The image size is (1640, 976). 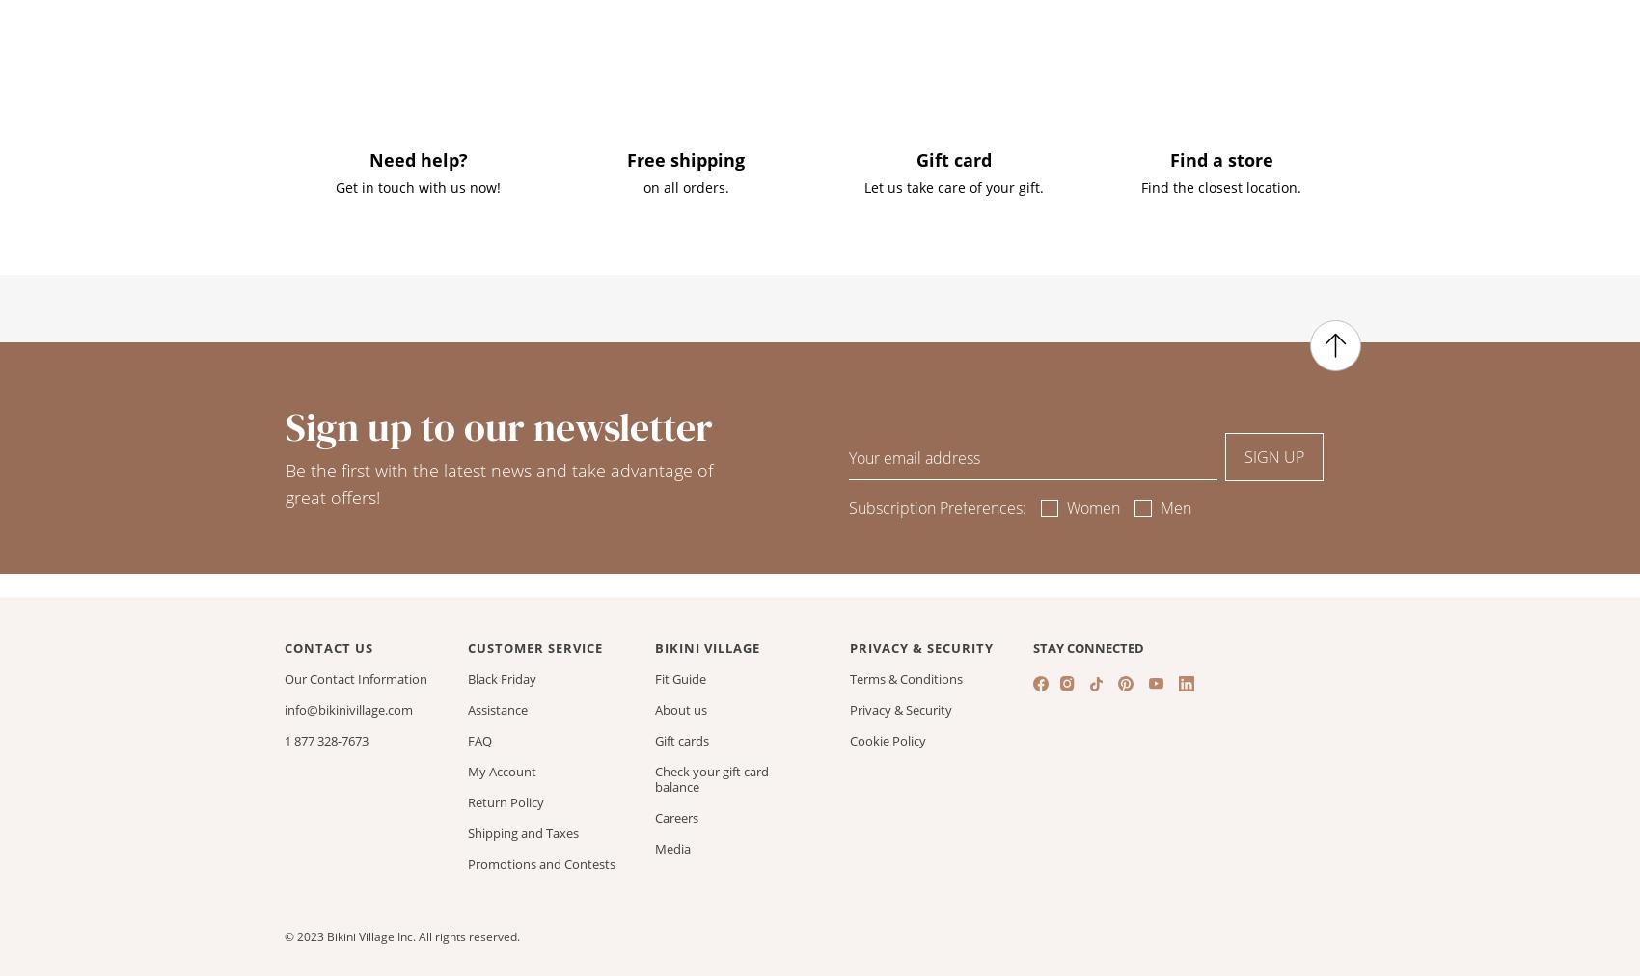 I want to click on 'Fit Guide', so click(x=680, y=678).